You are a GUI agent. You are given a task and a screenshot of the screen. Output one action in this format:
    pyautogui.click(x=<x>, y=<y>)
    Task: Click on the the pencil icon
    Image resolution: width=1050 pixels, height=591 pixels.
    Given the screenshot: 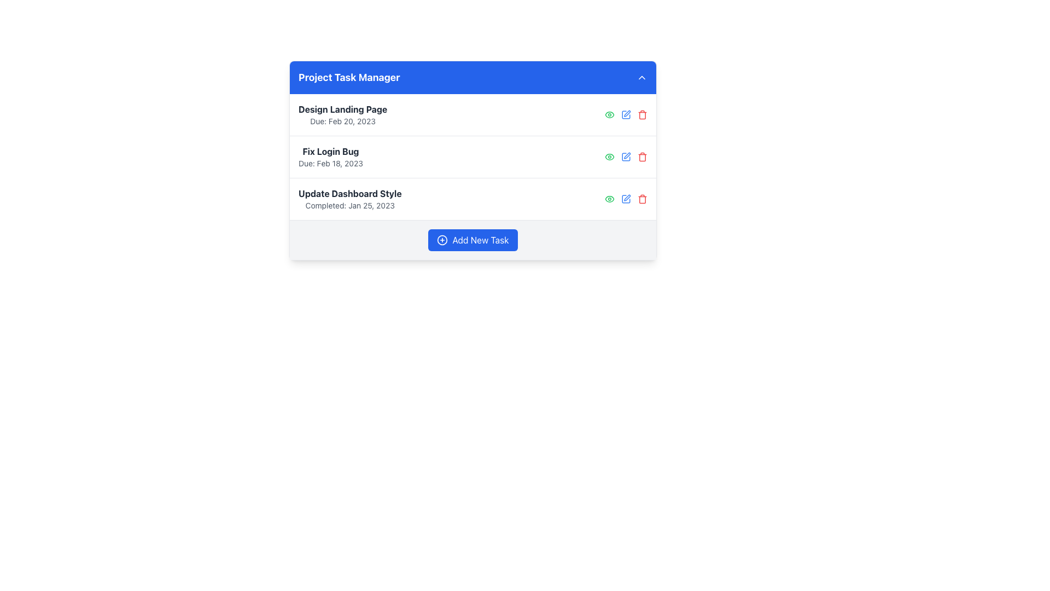 What is the action you would take?
    pyautogui.click(x=626, y=157)
    